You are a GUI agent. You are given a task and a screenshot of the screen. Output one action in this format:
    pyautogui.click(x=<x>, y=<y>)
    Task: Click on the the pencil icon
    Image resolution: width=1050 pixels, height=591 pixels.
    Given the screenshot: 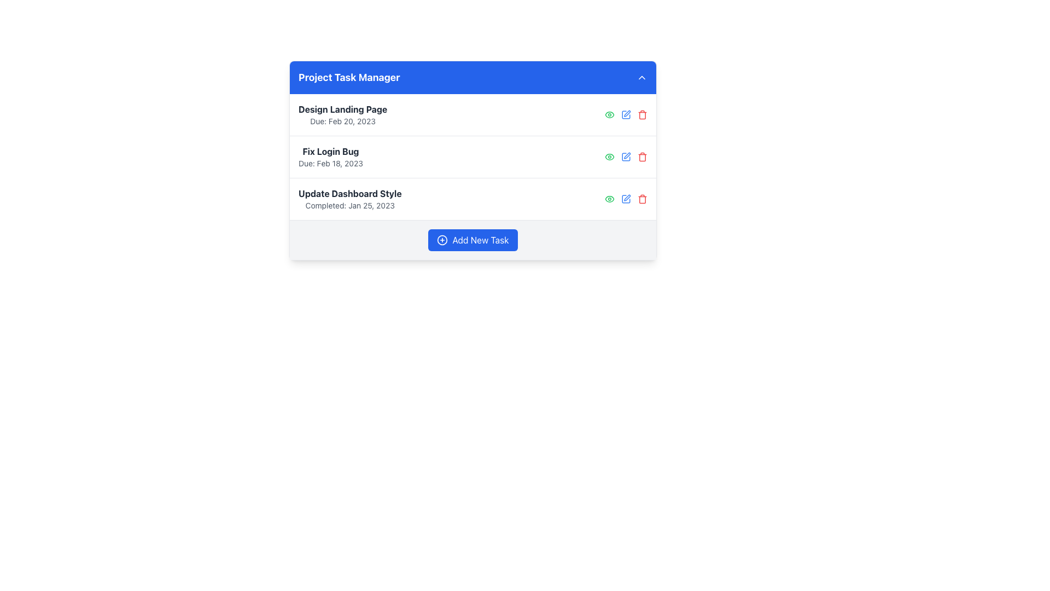 What is the action you would take?
    pyautogui.click(x=626, y=157)
    